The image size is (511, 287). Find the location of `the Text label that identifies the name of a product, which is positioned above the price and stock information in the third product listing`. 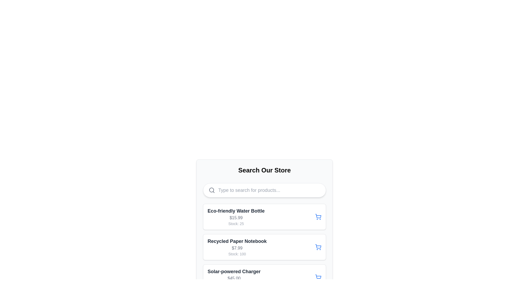

the Text label that identifies the name of a product, which is positioned above the price and stock information in the third product listing is located at coordinates (234, 272).